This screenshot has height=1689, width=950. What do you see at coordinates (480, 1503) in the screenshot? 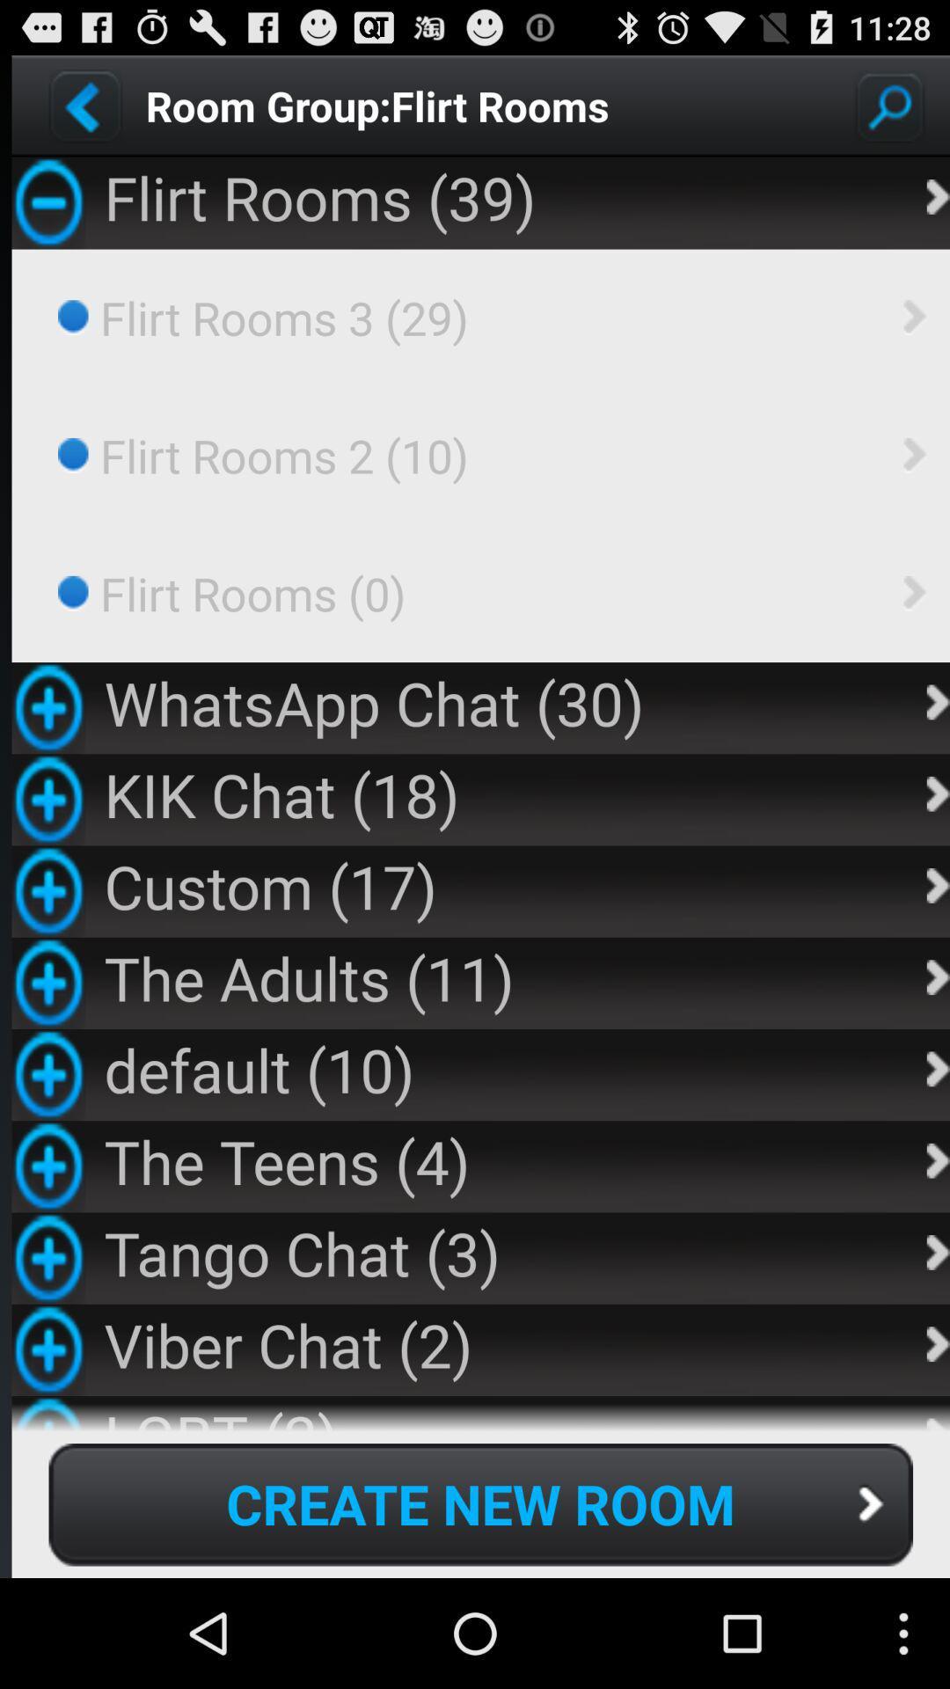
I see `create new room item` at bounding box center [480, 1503].